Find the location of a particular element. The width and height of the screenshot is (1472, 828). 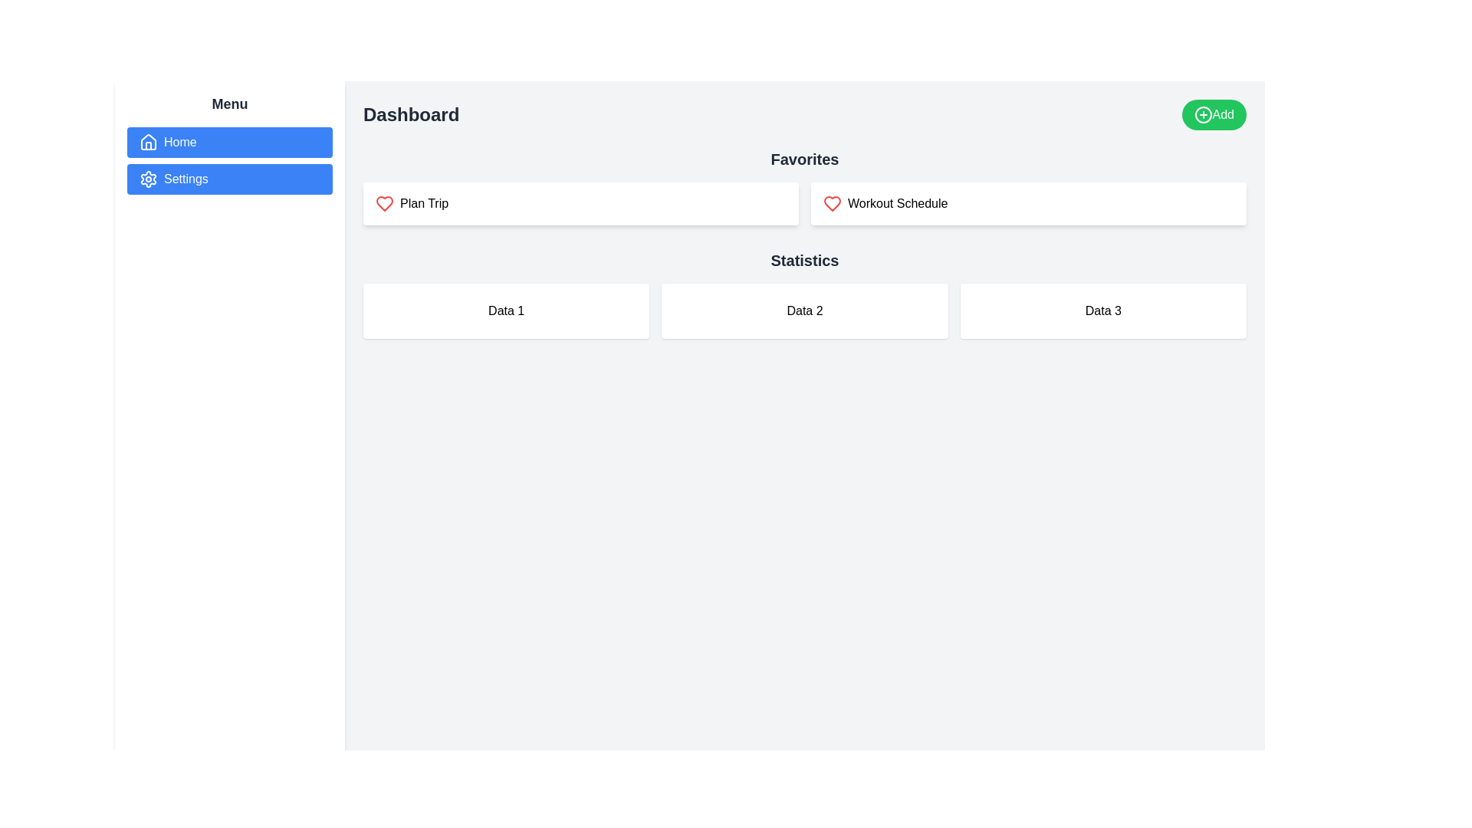

the header text located at the top of the left sidebar menu, which serves as the title for the menu section is located at coordinates (228, 103).